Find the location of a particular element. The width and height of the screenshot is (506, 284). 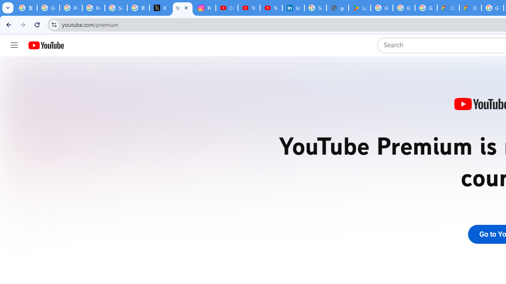

'Privacy Help Center - Policies Help' is located at coordinates (71, 8).